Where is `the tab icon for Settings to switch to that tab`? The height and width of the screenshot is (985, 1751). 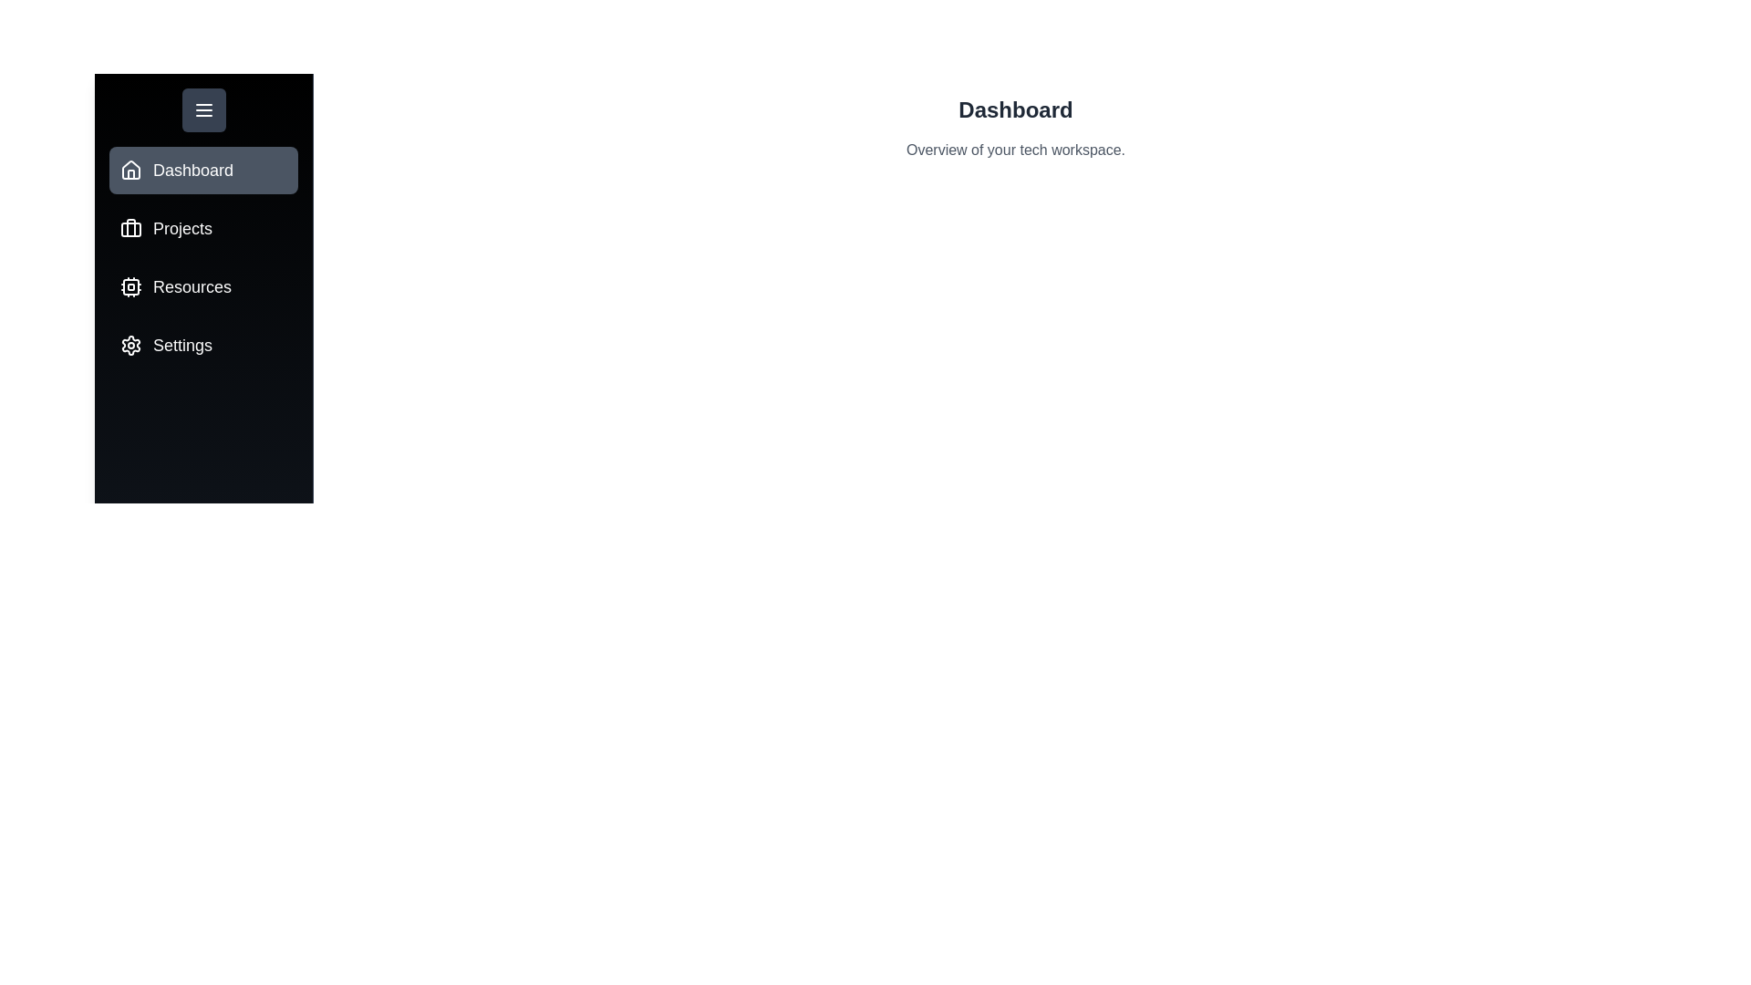 the tab icon for Settings to switch to that tab is located at coordinates (130, 345).